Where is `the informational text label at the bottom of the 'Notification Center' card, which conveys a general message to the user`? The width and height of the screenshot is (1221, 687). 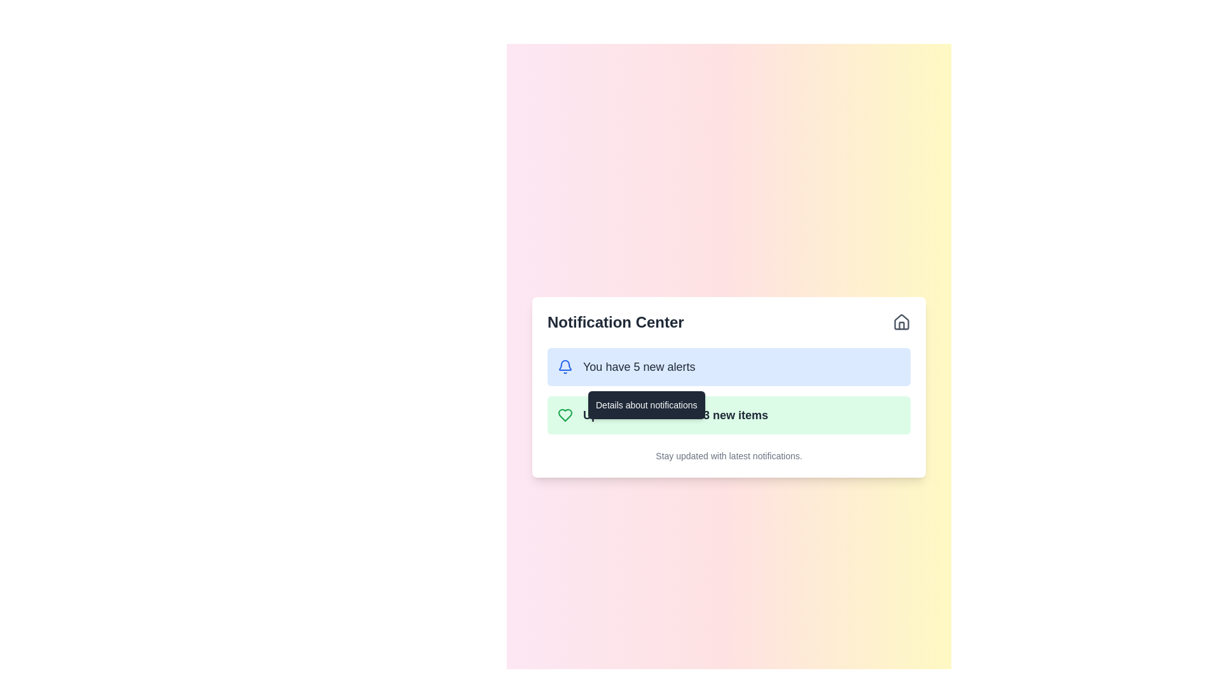 the informational text label at the bottom of the 'Notification Center' card, which conveys a general message to the user is located at coordinates (729, 455).